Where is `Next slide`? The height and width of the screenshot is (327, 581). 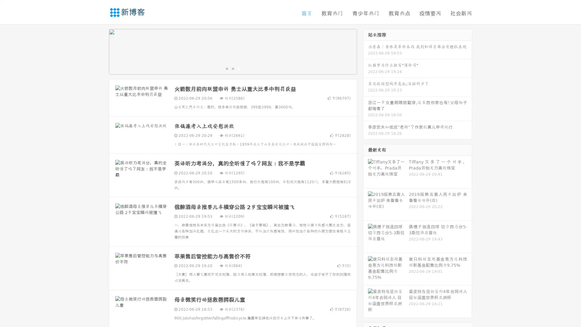 Next slide is located at coordinates (366, 51).